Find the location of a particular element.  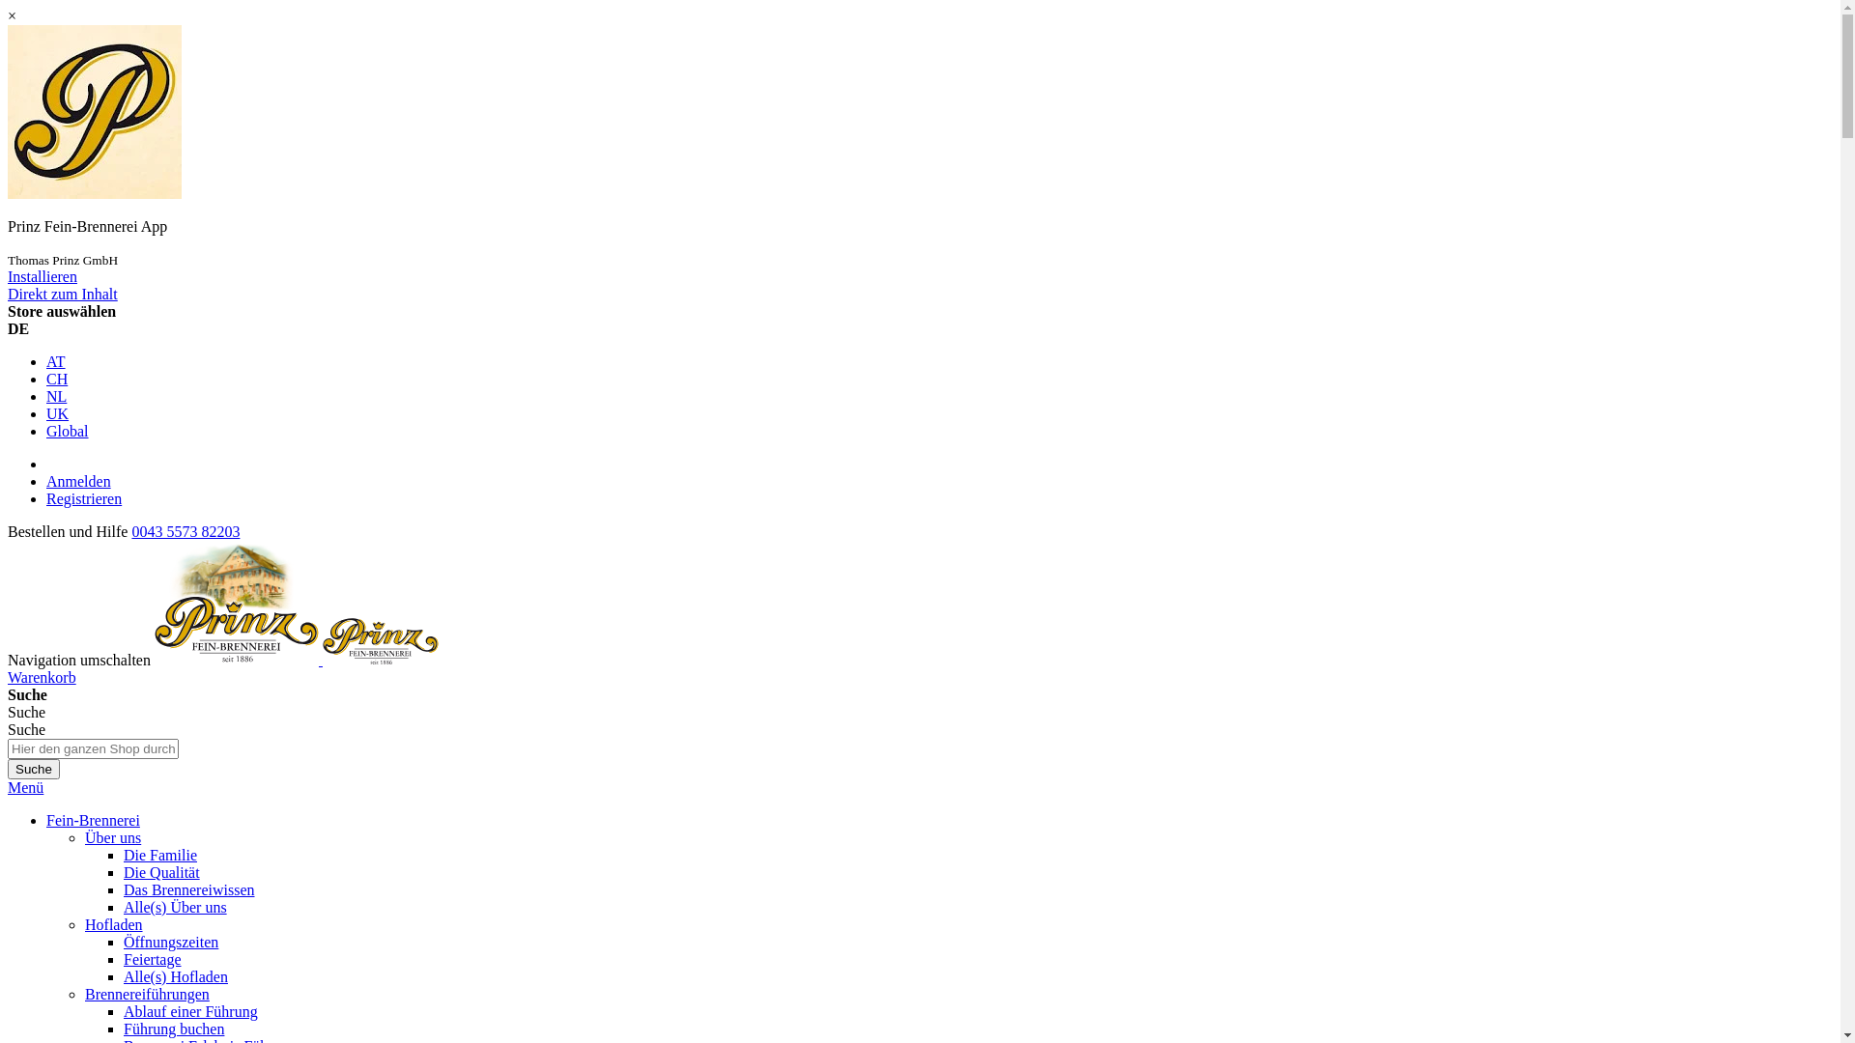

'Anmelden' is located at coordinates (77, 480).